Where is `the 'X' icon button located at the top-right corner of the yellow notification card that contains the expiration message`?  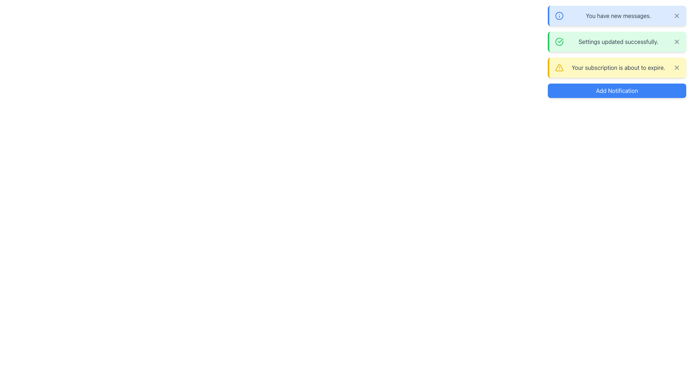 the 'X' icon button located at the top-right corner of the yellow notification card that contains the expiration message is located at coordinates (676, 68).